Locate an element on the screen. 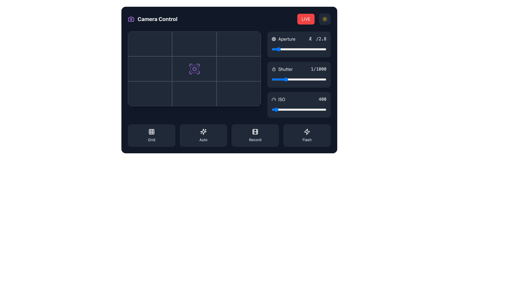 This screenshot has height=291, width=518. the pulsating animation of the Focus indicator, a small circular component with a purple border located at the center of the grid layout is located at coordinates (194, 68).